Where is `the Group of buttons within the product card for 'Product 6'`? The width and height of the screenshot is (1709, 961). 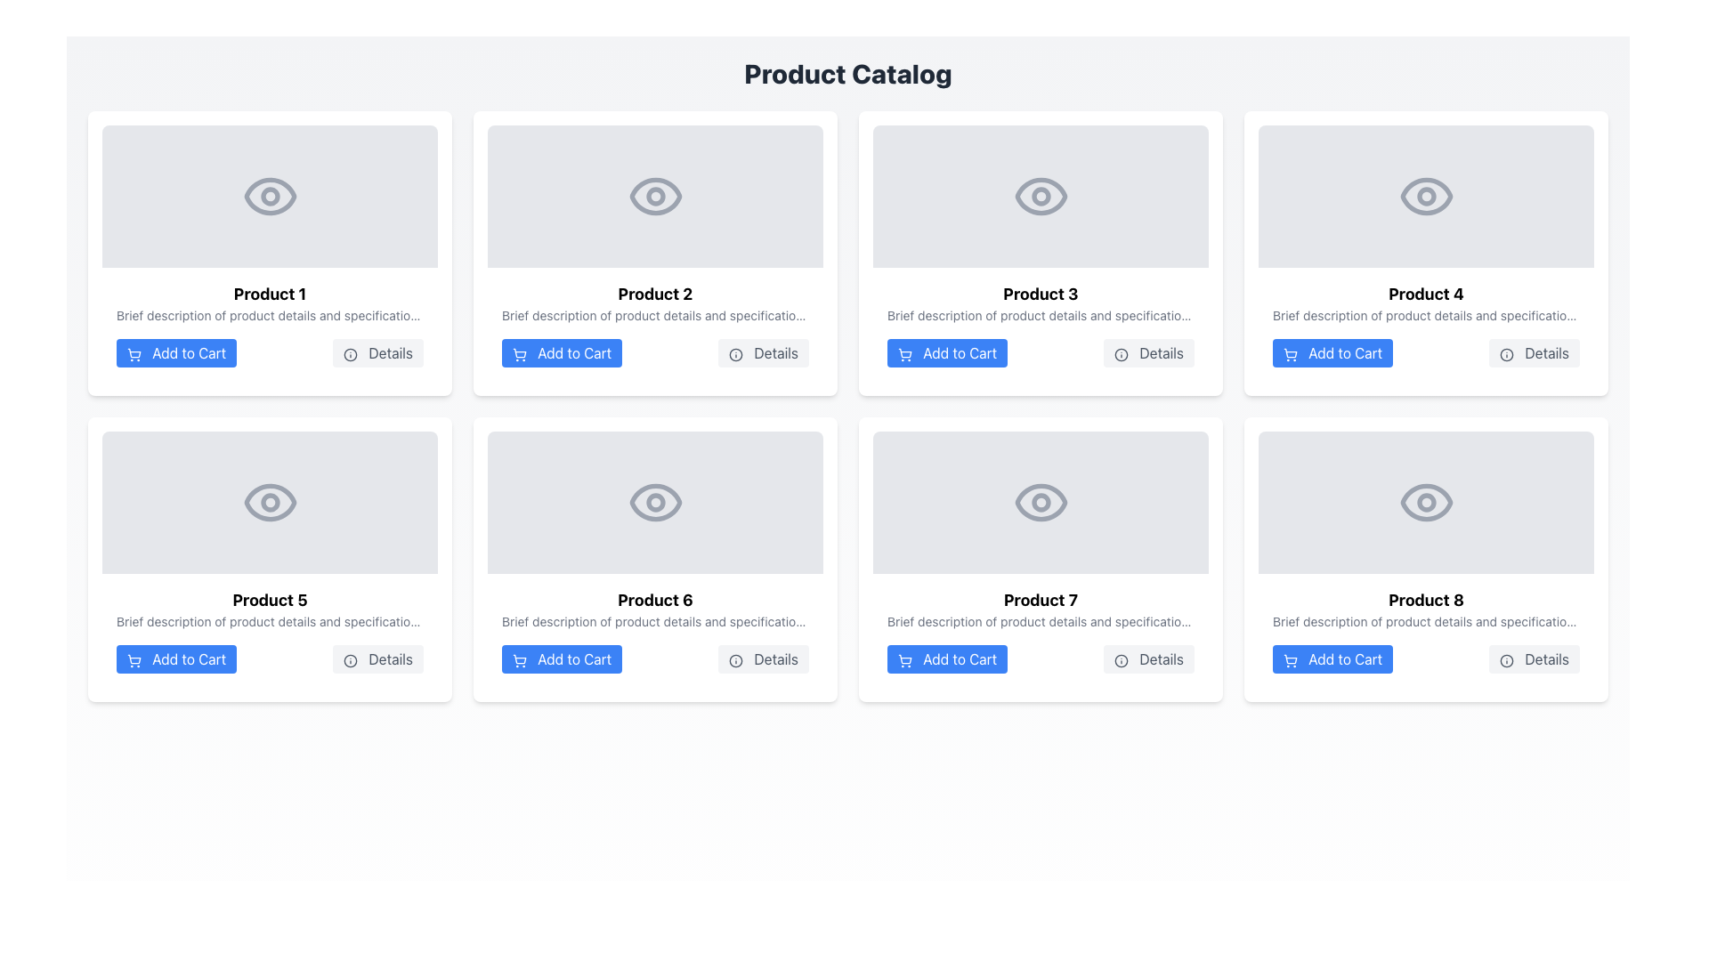 the Group of buttons within the product card for 'Product 6' is located at coordinates (654, 658).